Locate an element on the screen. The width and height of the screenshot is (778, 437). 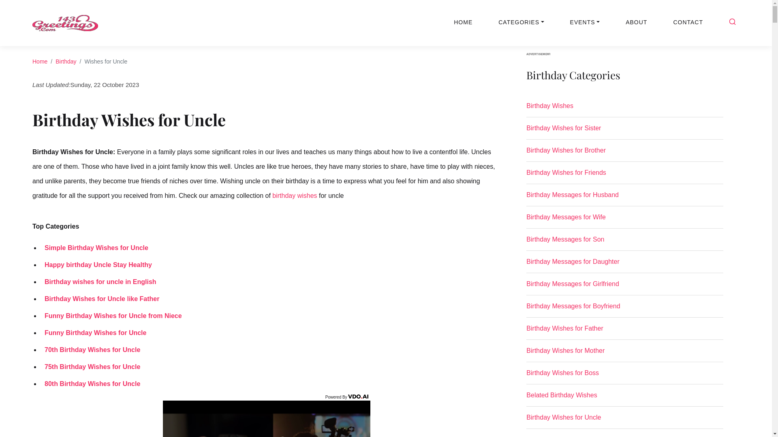
'Birthday Wishes for Mother' is located at coordinates (624, 354).